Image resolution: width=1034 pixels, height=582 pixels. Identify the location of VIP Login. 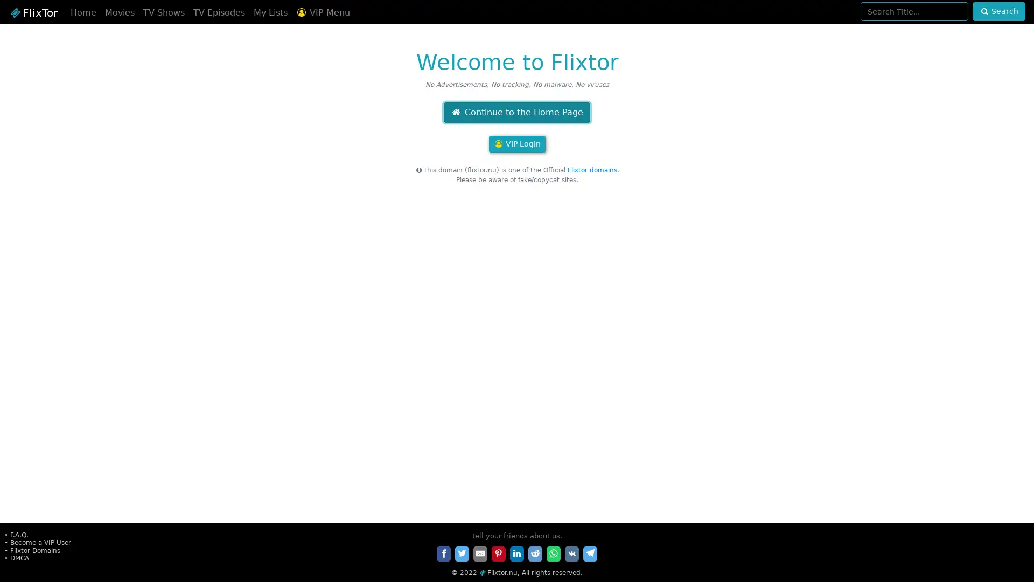
(516, 143).